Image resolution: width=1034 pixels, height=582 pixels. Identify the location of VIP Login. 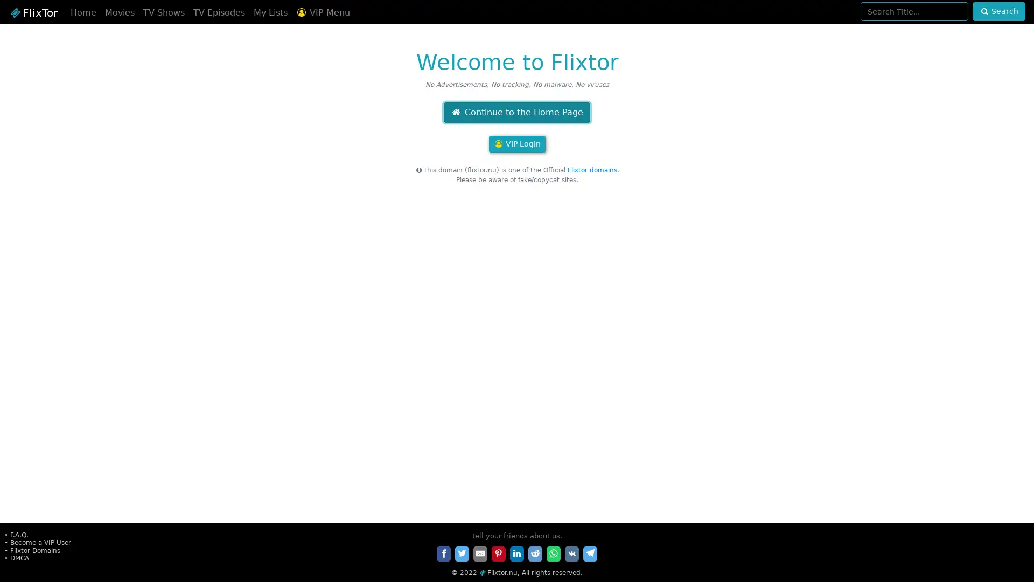
(516, 143).